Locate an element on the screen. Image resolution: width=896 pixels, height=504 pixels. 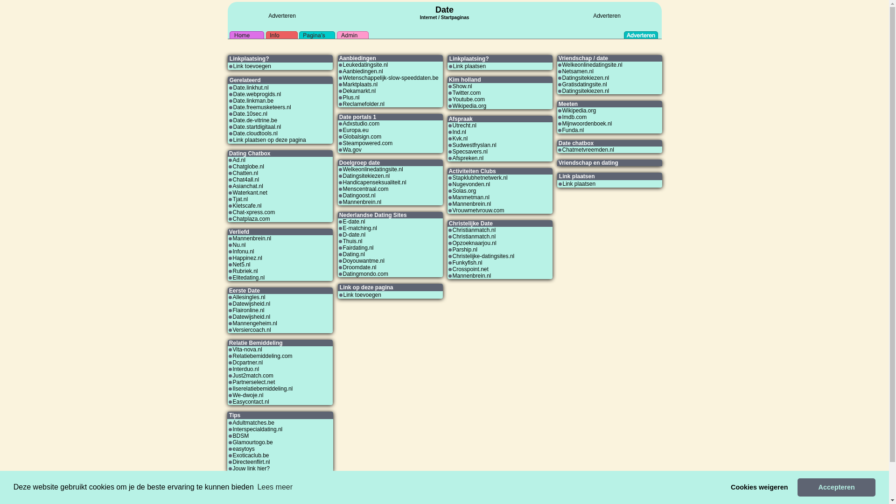
'Adxstudio.com' is located at coordinates (342, 123).